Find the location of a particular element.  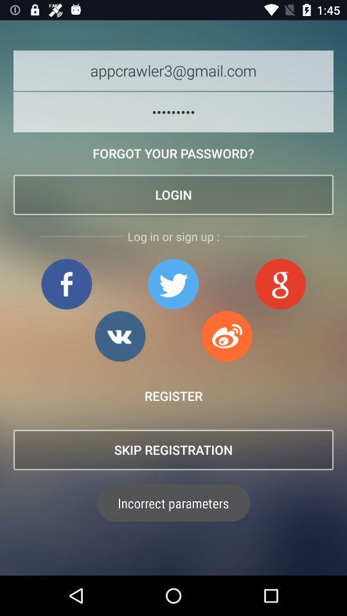

wifi user is located at coordinates (226, 336).